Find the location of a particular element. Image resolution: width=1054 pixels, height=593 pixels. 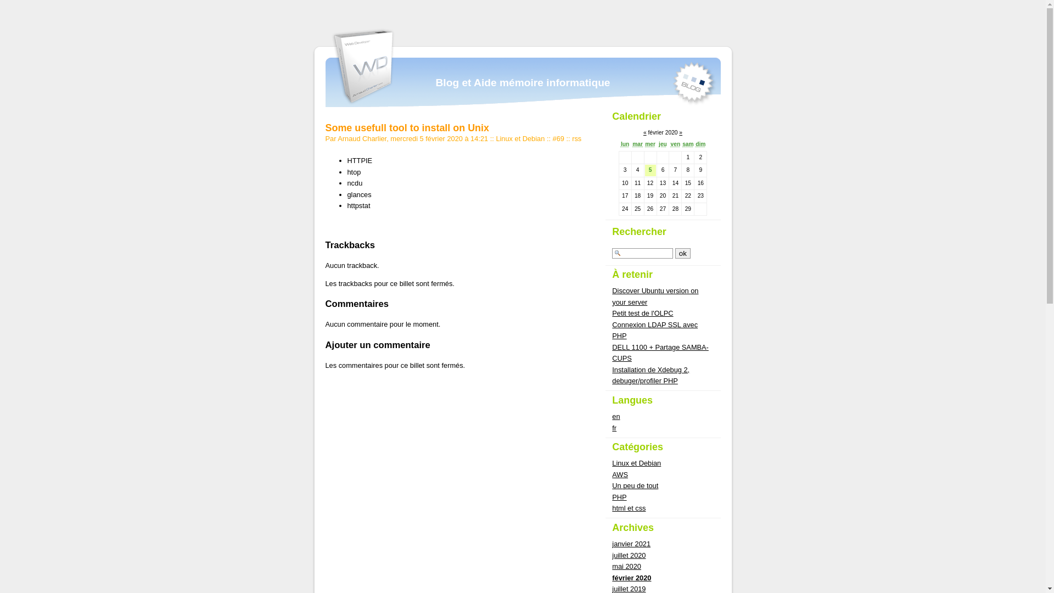

'janvier 2021' is located at coordinates (631, 544).